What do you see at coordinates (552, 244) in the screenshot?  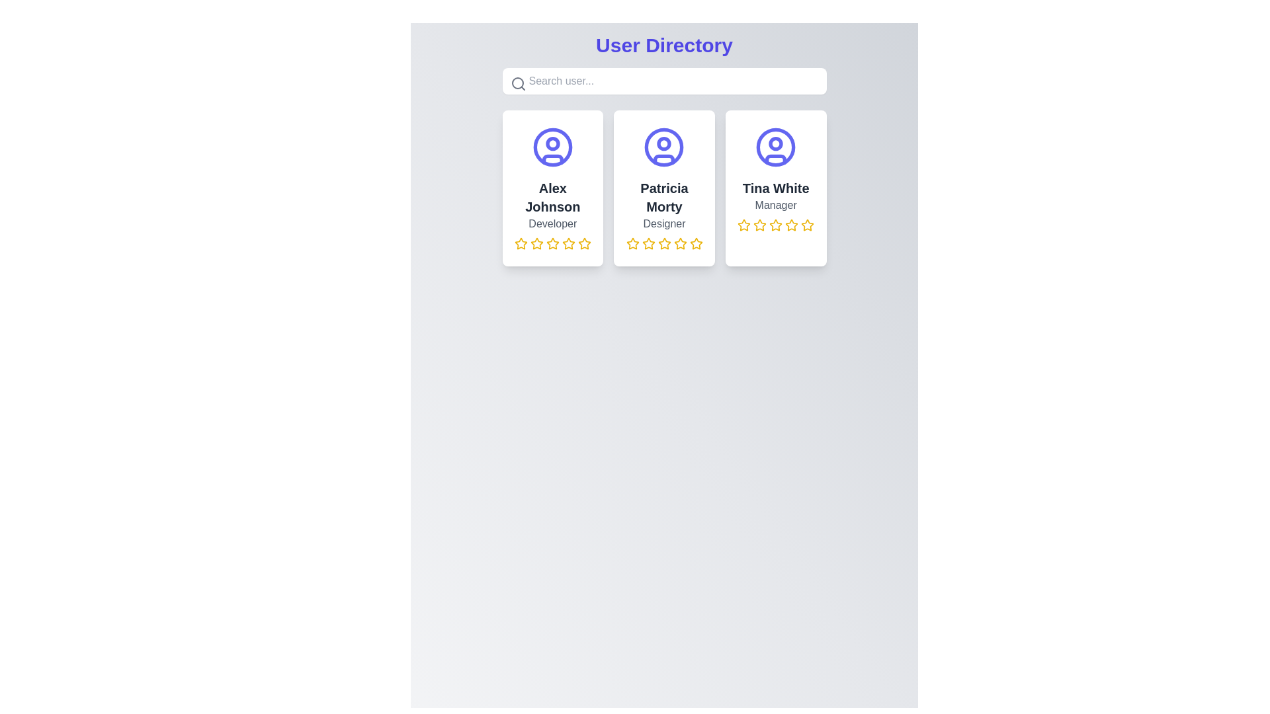 I see `the fourth star in the set of five stars under the card for user 'Alex Johnson' in the 'User Directory' interface to rate it` at bounding box center [552, 244].